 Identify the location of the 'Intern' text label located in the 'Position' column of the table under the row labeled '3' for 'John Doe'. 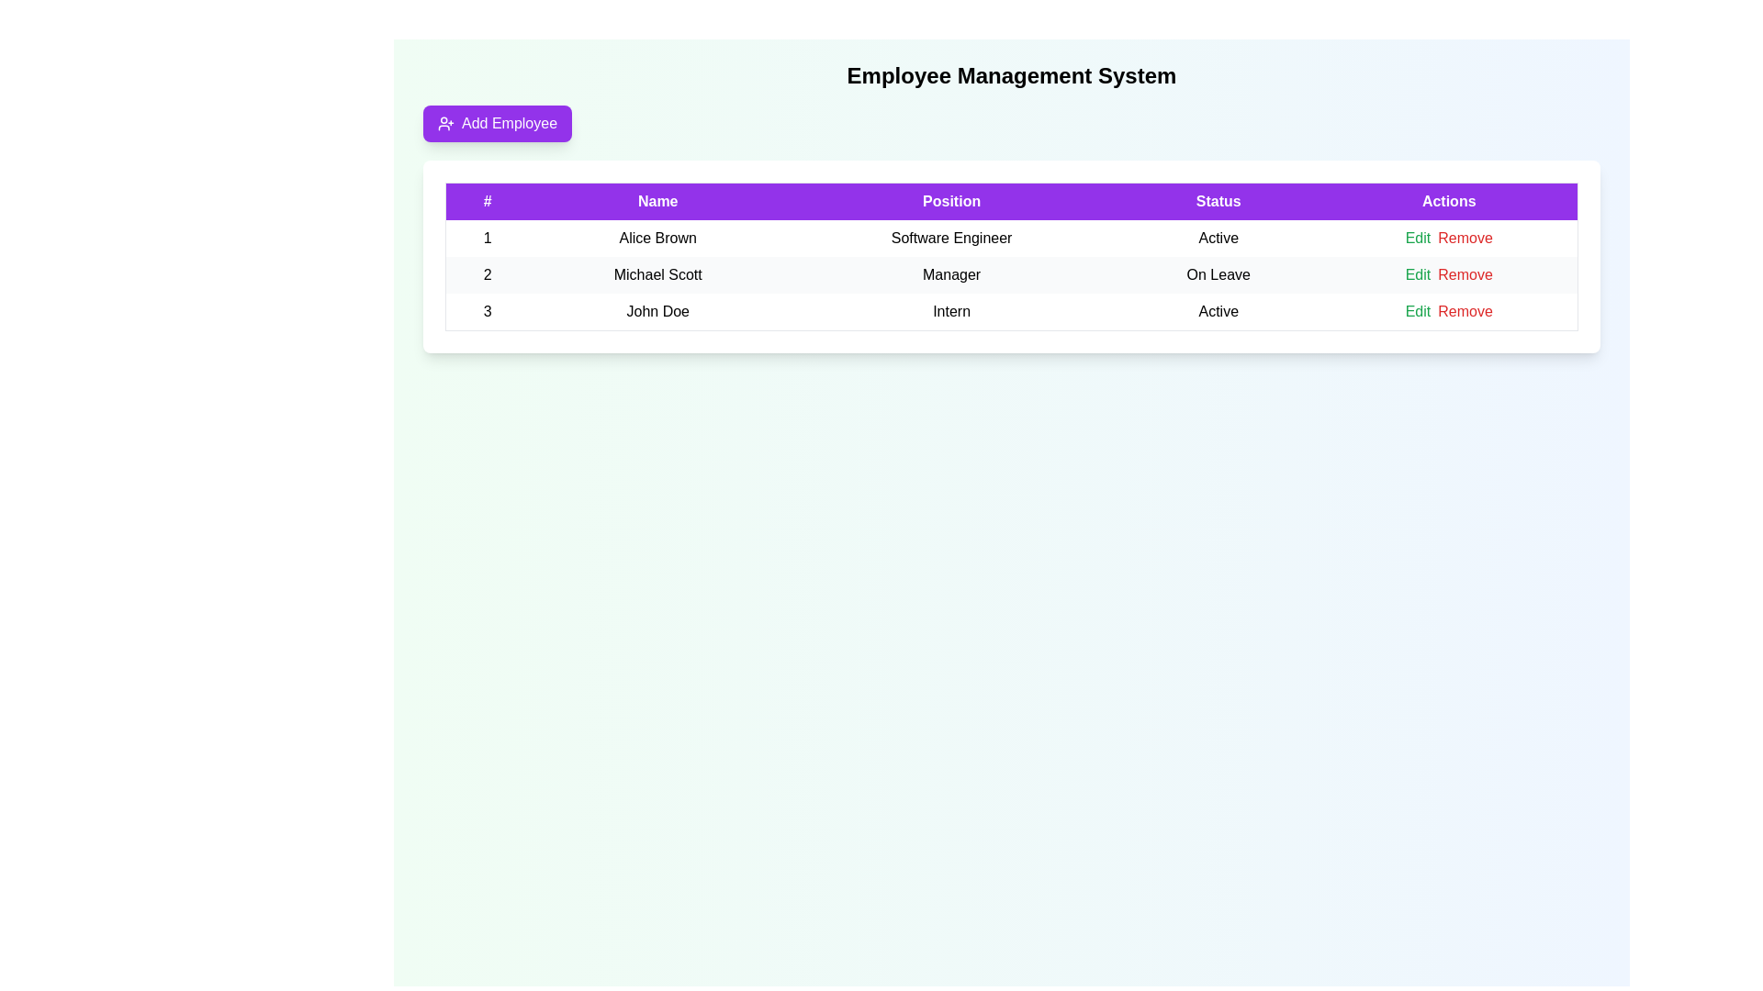
(951, 311).